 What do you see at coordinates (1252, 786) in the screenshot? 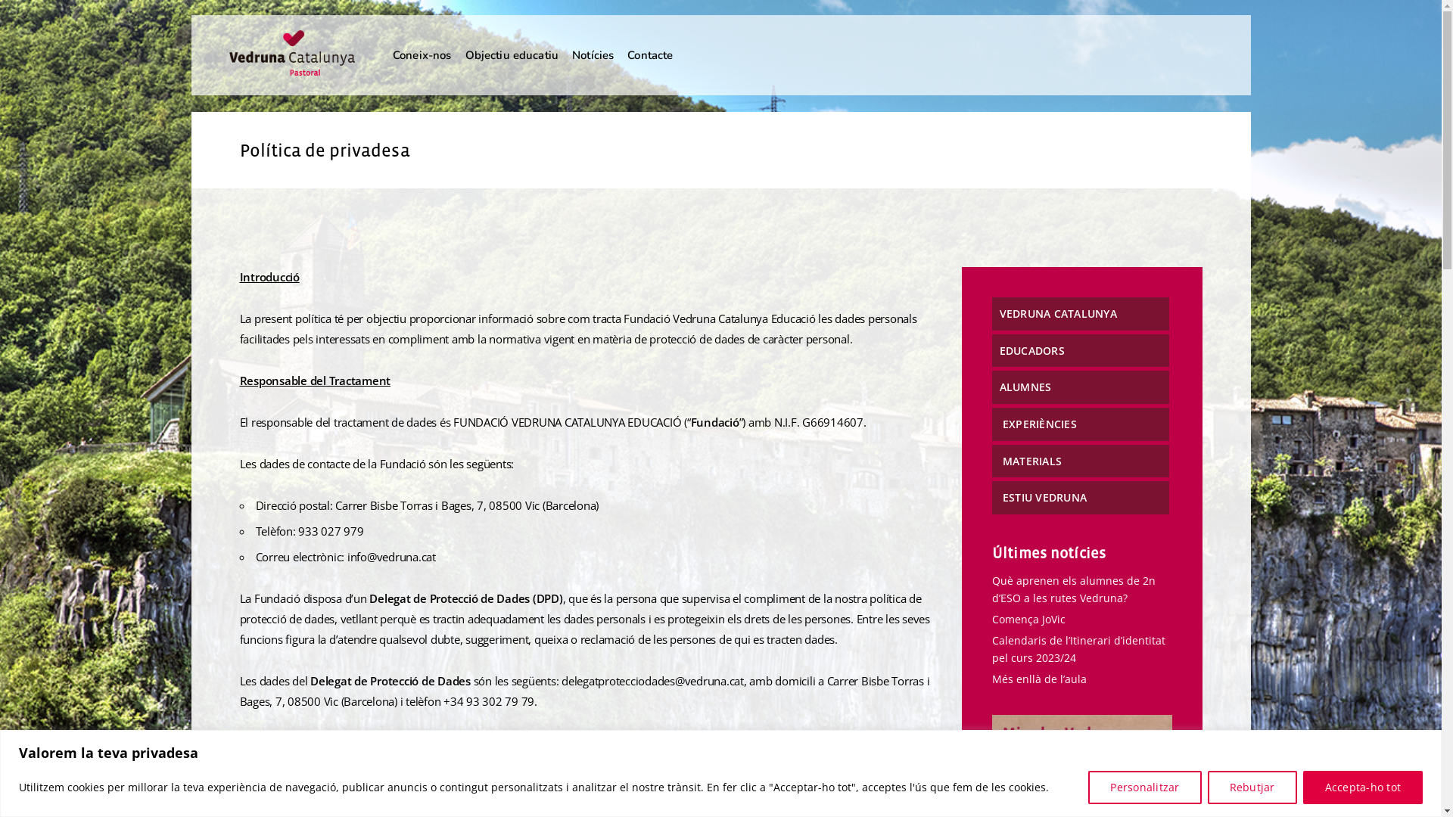
I see `'Rebutjar'` at bounding box center [1252, 786].